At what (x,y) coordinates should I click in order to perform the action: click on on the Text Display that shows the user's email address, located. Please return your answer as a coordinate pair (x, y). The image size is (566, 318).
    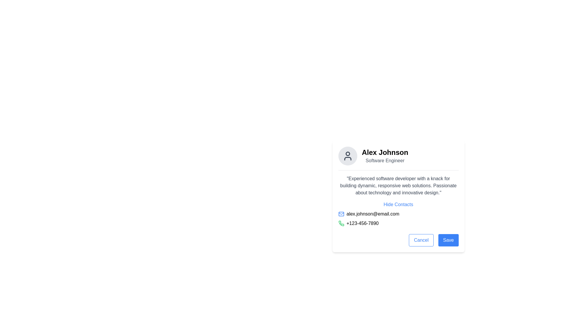
    Looking at the image, I should click on (373, 214).